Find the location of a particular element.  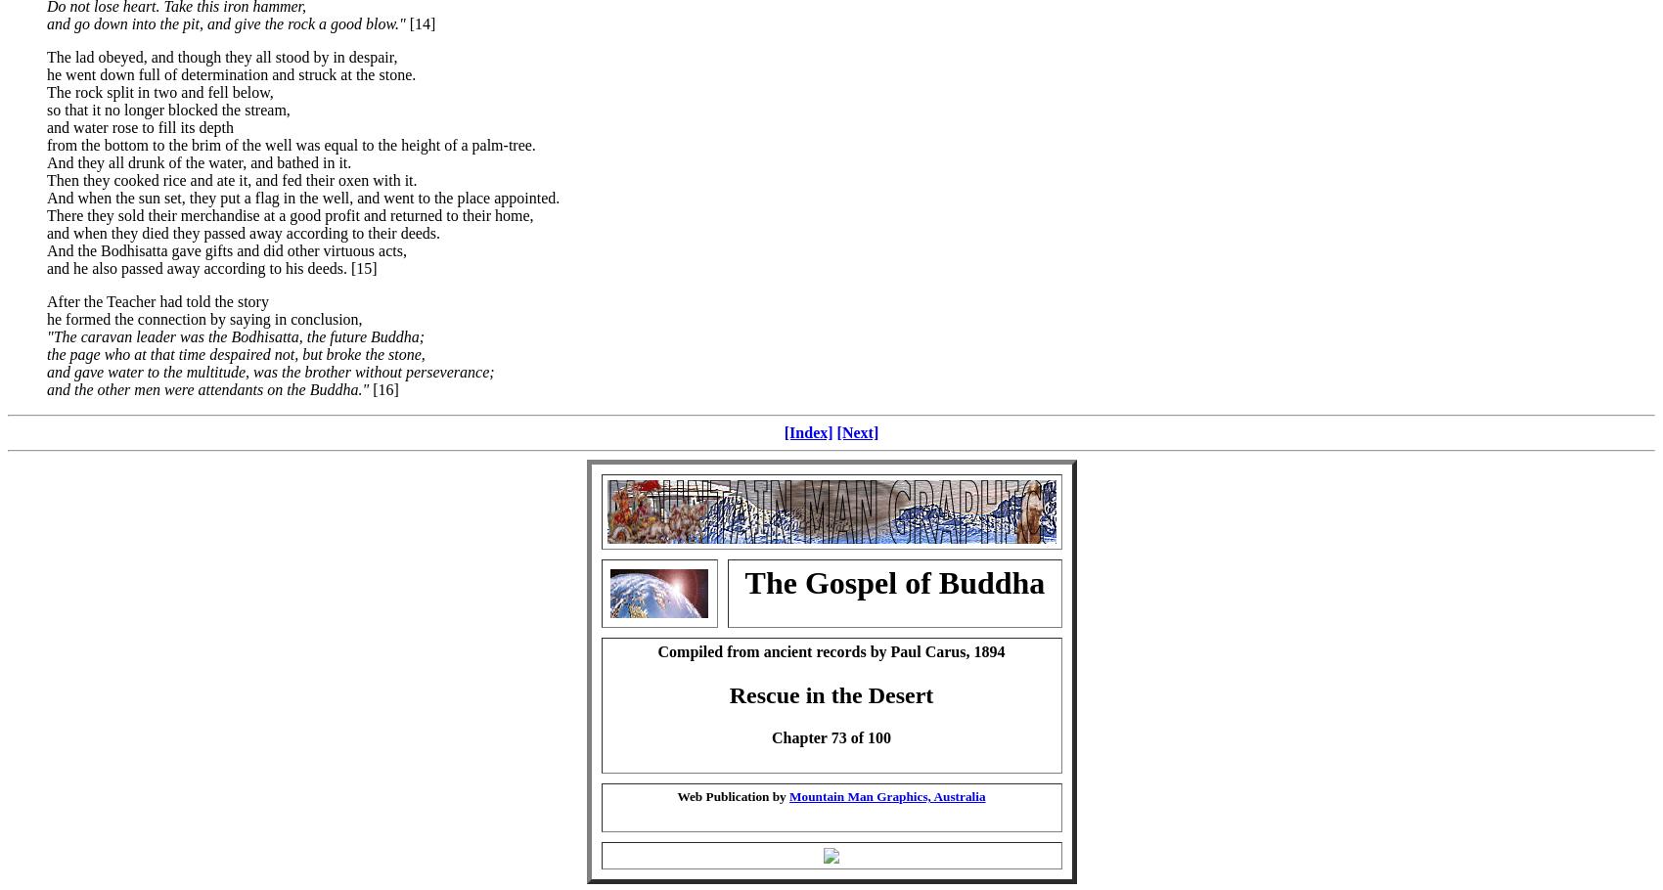

'And when the sun set, they put a flag in the well, and went to the place appointed.' is located at coordinates (303, 196).